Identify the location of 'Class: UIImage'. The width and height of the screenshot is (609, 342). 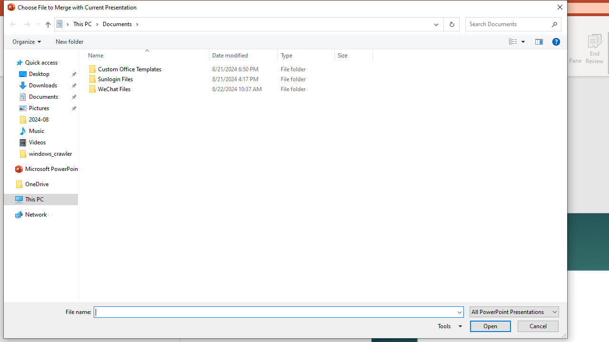
(92, 89).